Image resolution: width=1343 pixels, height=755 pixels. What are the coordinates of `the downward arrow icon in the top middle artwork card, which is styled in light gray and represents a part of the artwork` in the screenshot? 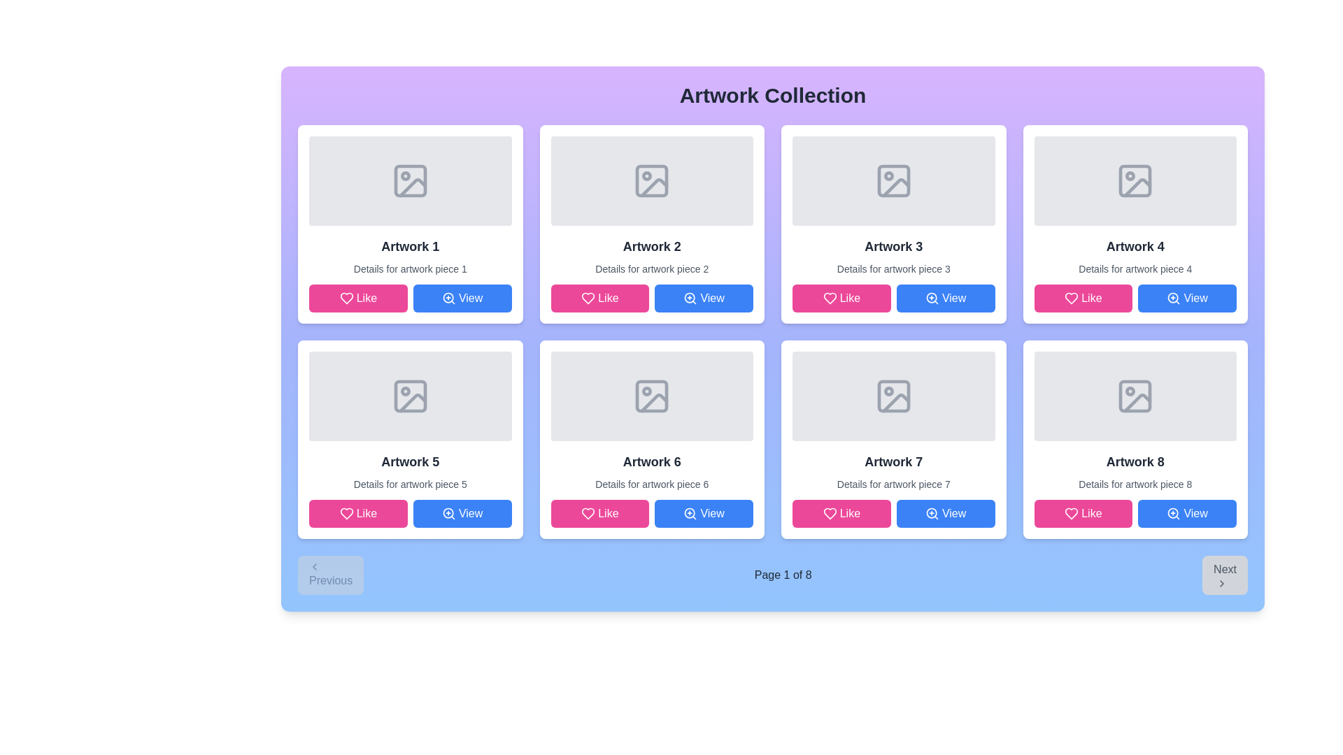 It's located at (896, 187).